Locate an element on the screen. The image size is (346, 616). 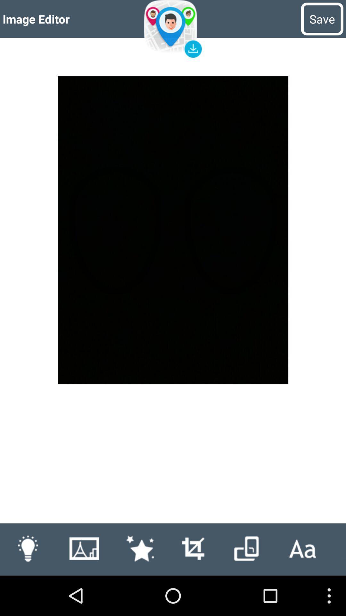
the font icon is located at coordinates (302, 587).